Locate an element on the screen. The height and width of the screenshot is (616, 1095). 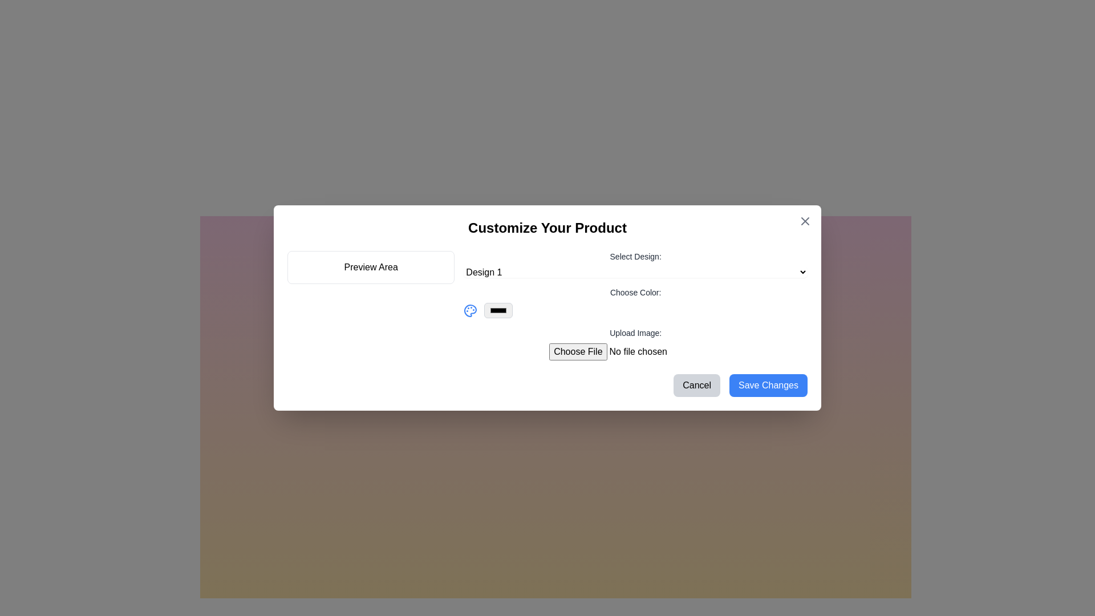
the static label text that provides a description for the file input field, located in the middle of the modal, between the 'Choose Color' section and the file input field is located at coordinates (635, 333).